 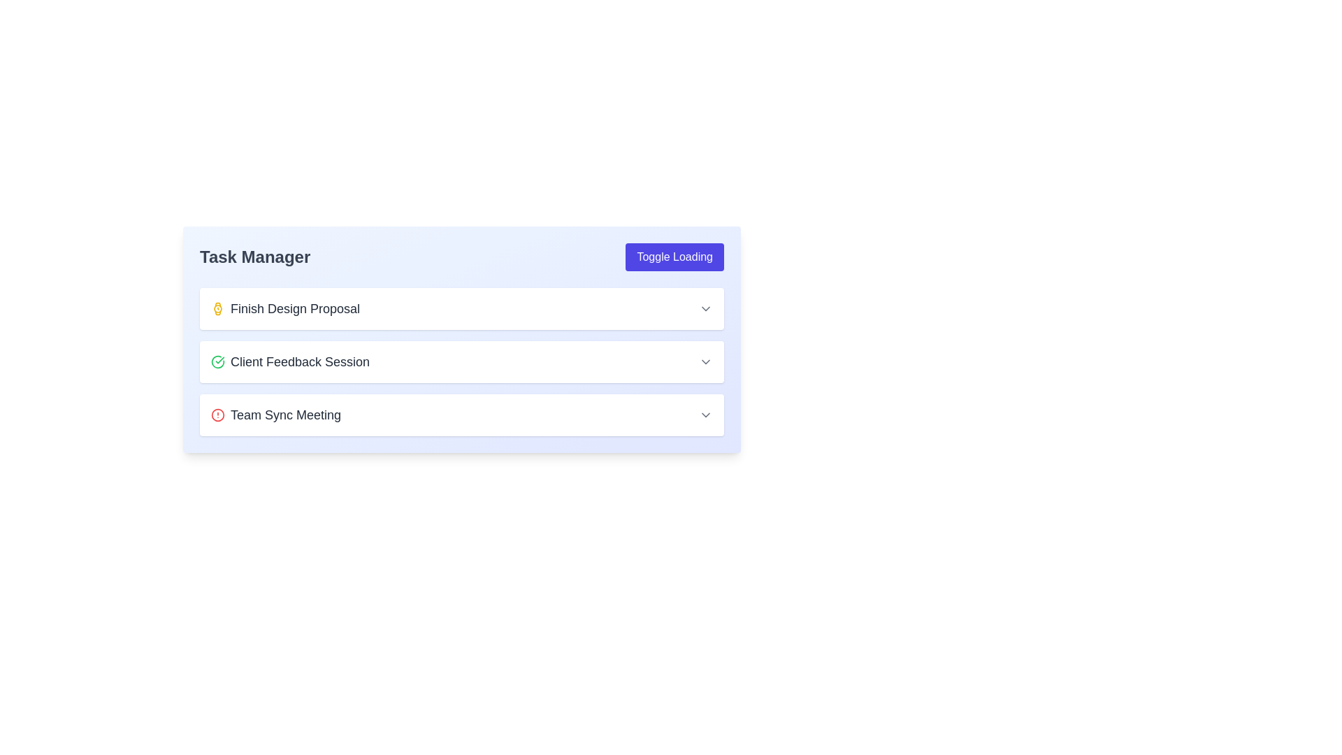 I want to click on the 'Toggle Loading' button, which is a rectangular button with an indigo background and white text, located in the upper right corner of the header section, so click(x=674, y=257).